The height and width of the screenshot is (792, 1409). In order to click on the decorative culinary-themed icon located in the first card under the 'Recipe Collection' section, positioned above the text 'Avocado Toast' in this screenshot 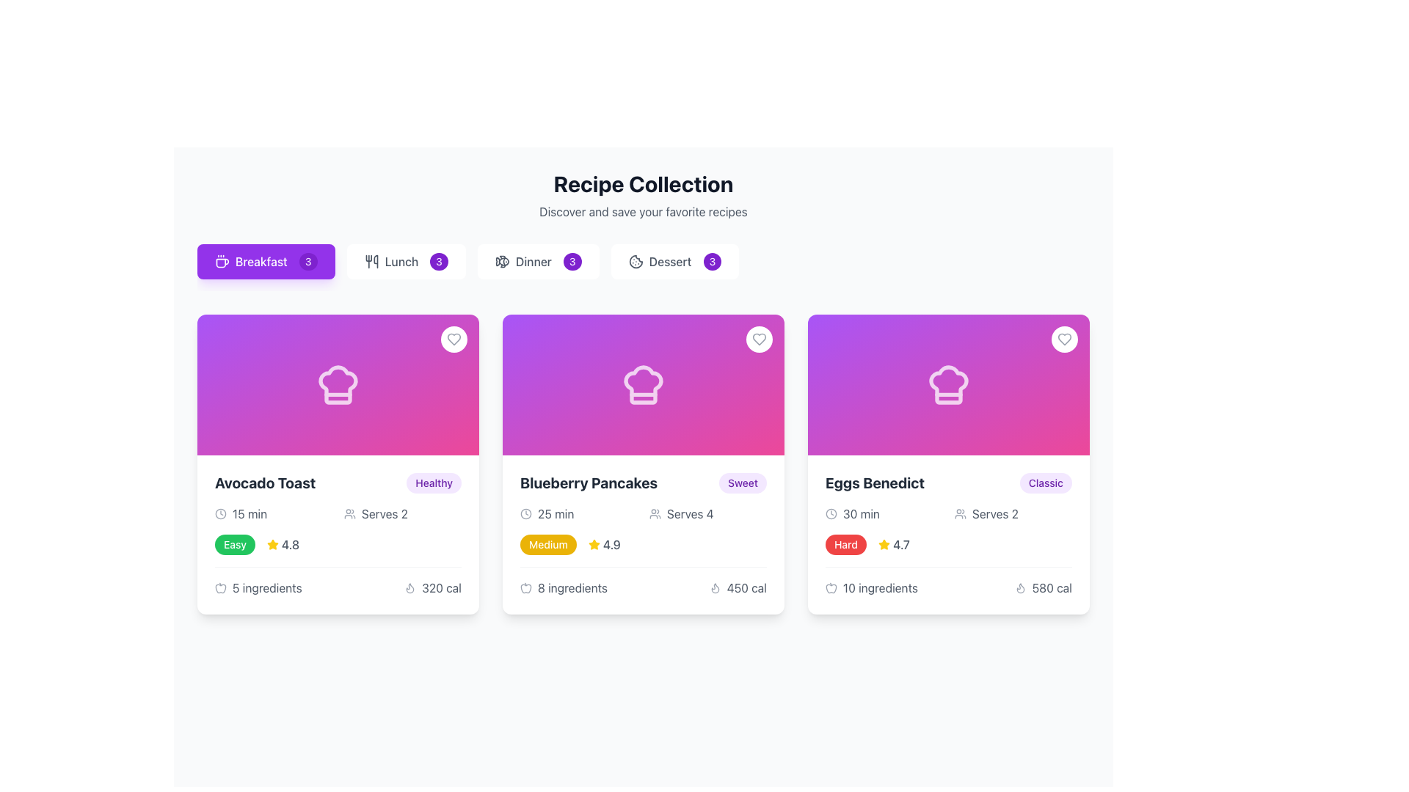, I will do `click(337, 384)`.